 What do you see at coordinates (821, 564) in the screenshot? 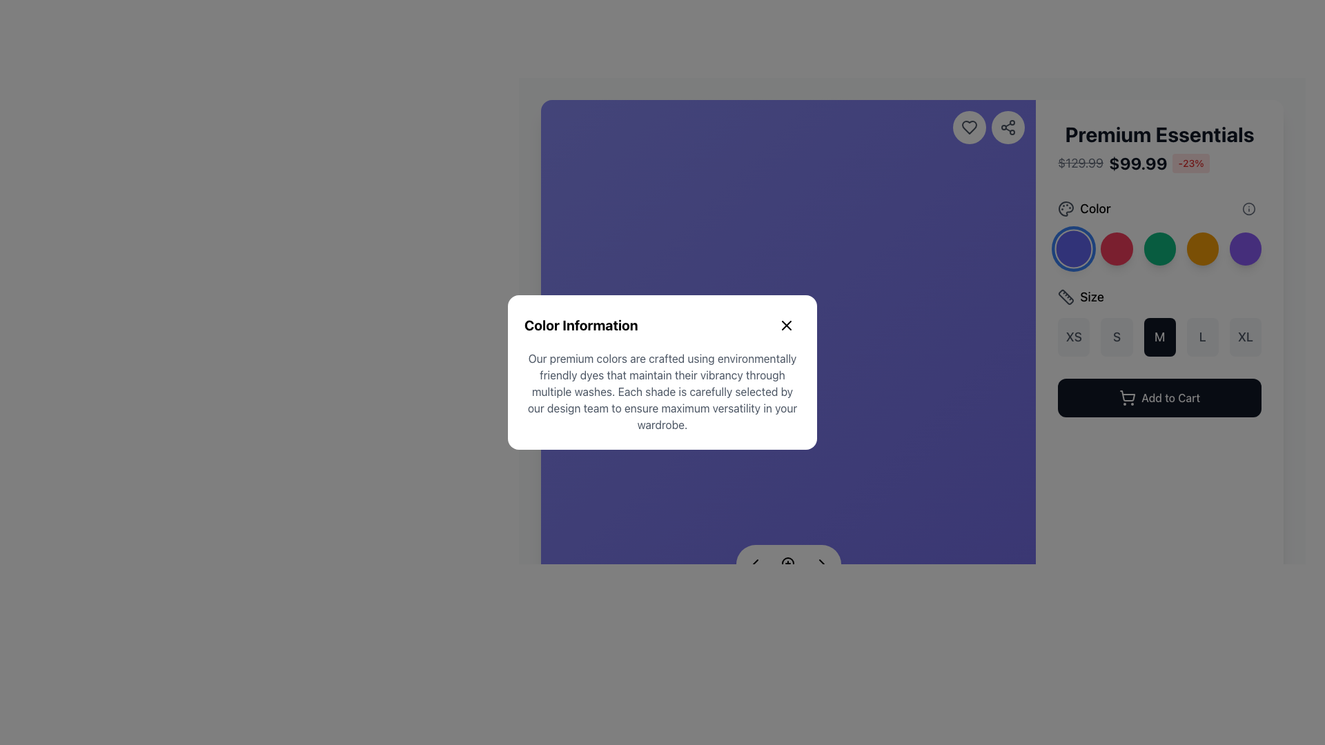
I see `the rightward-pointing chevron icon enclosed within a circular button located in the bottom center of the interface to trigger a visual effect` at bounding box center [821, 564].